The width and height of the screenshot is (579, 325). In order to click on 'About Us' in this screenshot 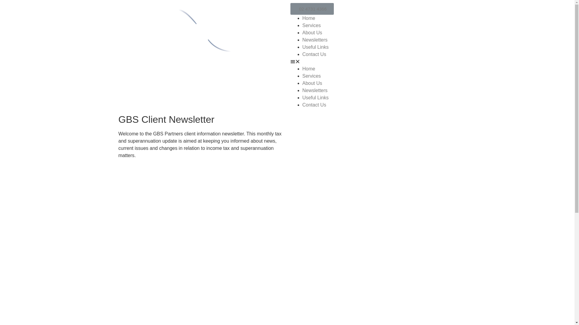, I will do `click(312, 32)`.